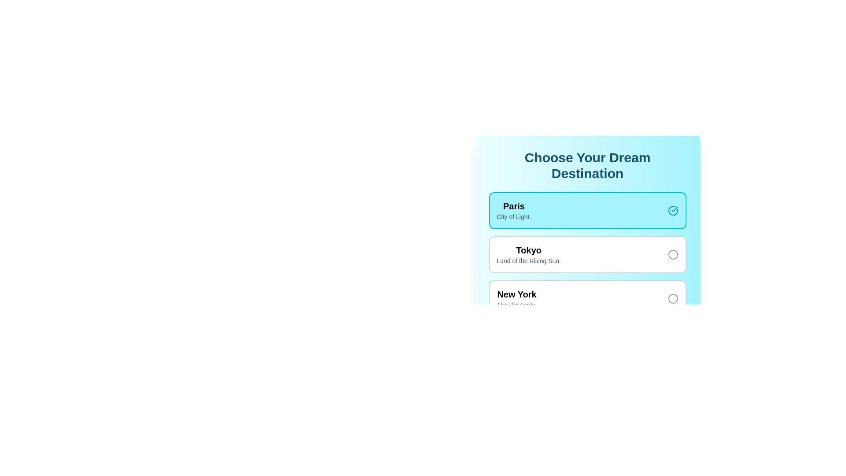 This screenshot has width=846, height=476. I want to click on the header text labeled 'New York', which is styled in bold and larger than its sibling elements, located towards the bottom of the main content area, so click(517, 294).